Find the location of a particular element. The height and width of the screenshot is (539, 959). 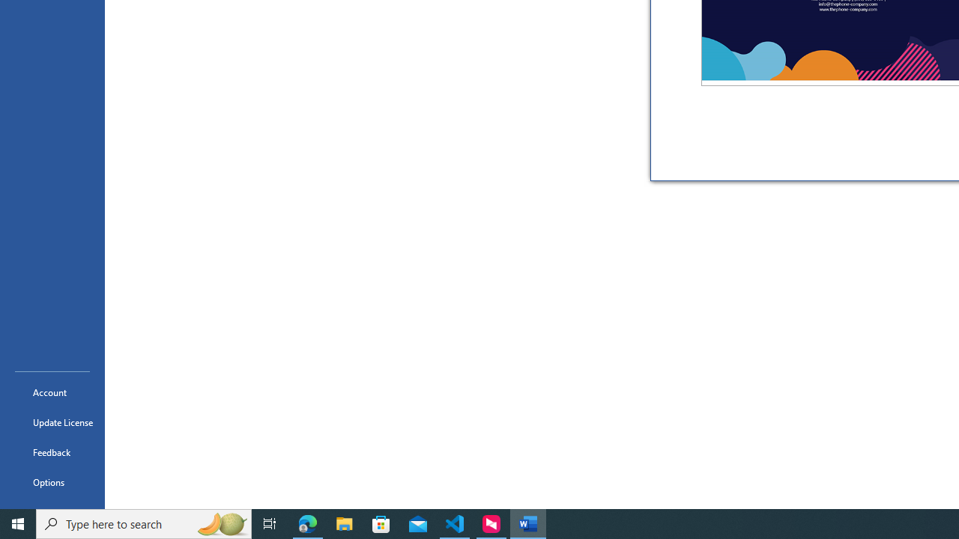

'Type here to search' is located at coordinates (144, 523).